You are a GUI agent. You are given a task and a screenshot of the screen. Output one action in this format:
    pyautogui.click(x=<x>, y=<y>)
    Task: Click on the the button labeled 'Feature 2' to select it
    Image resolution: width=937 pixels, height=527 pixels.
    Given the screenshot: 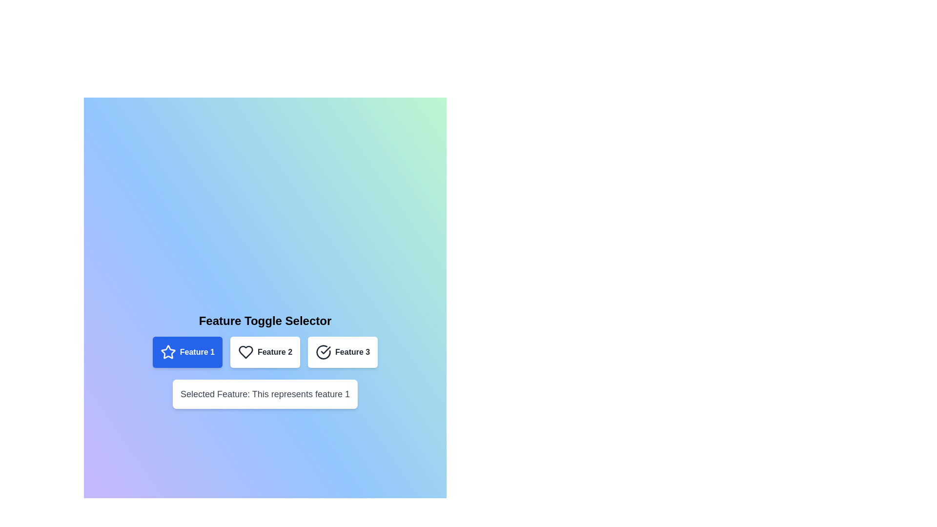 What is the action you would take?
    pyautogui.click(x=265, y=352)
    